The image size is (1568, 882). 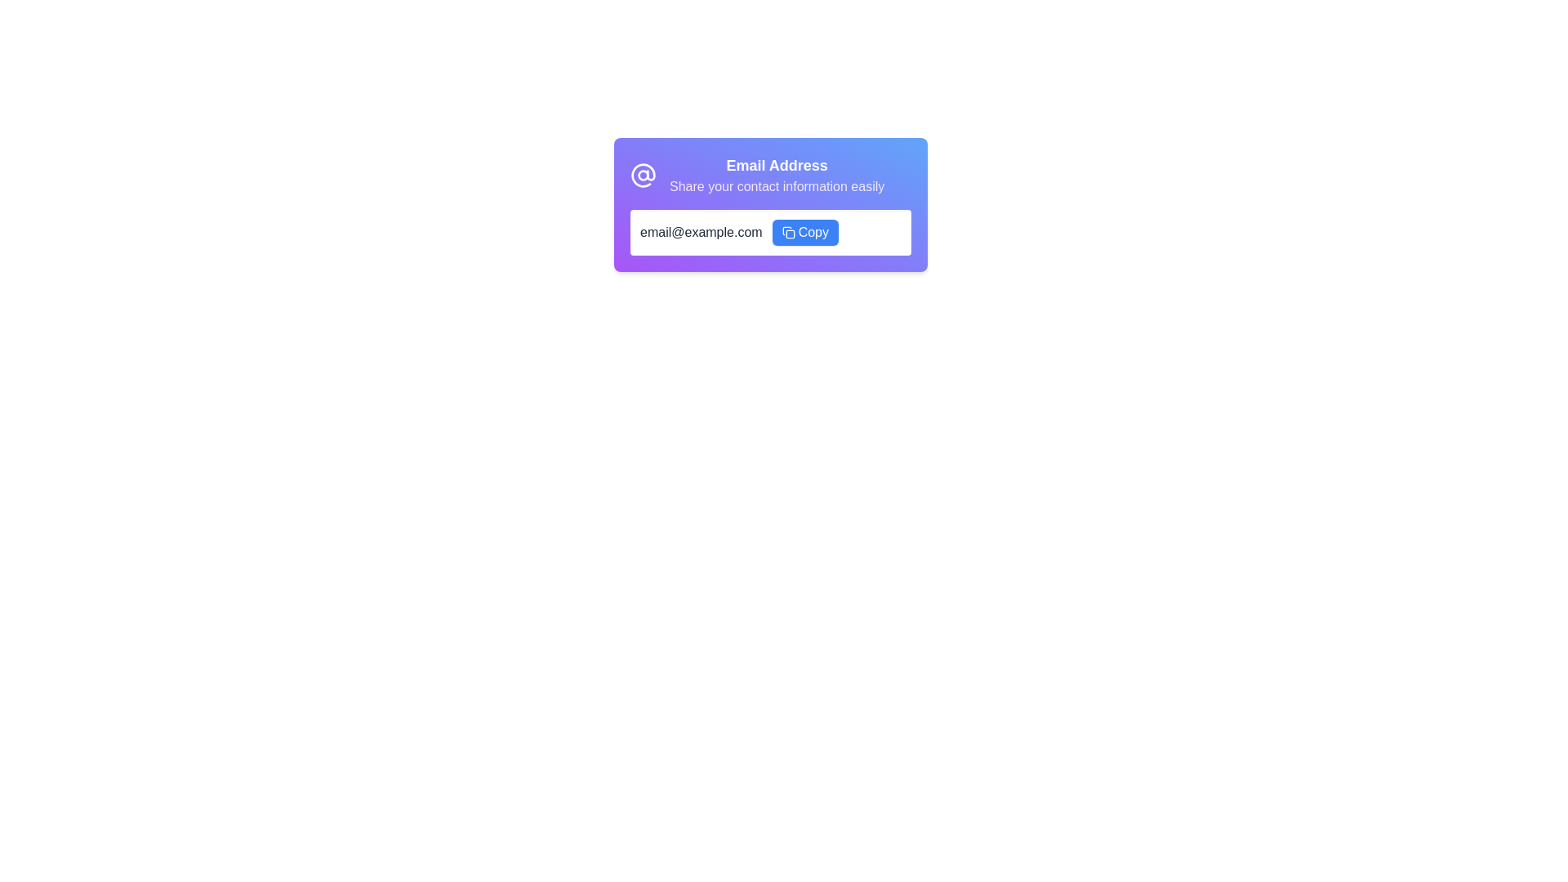 I want to click on the decorative rectangle icon that is part of the 'Copy' button, which represents a copy action, so click(x=790, y=234).